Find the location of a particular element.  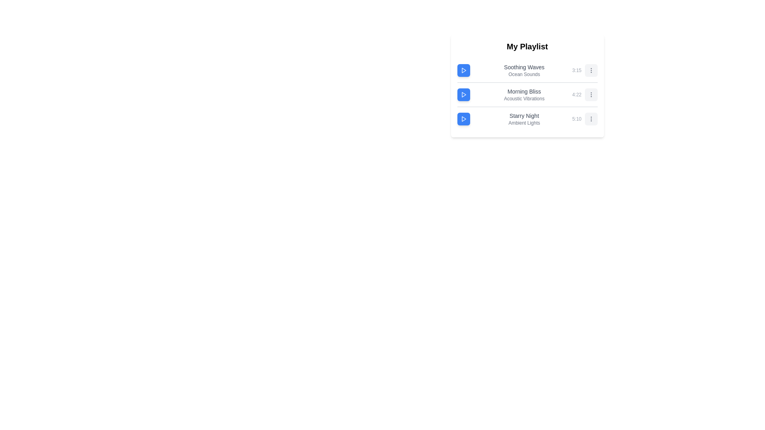

the text label providing supplementary information about the playlist item located below the title 'Soothing Waves' in the 'My Playlist' section is located at coordinates (524, 74).